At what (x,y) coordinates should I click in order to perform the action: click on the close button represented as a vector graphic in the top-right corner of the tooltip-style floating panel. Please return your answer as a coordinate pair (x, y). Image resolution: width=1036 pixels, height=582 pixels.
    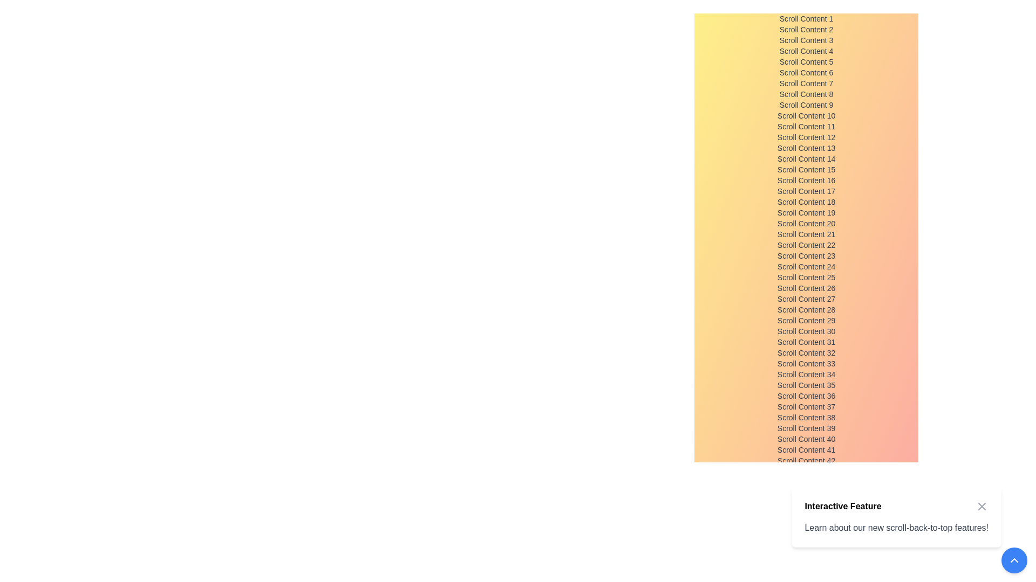
    Looking at the image, I should click on (982, 507).